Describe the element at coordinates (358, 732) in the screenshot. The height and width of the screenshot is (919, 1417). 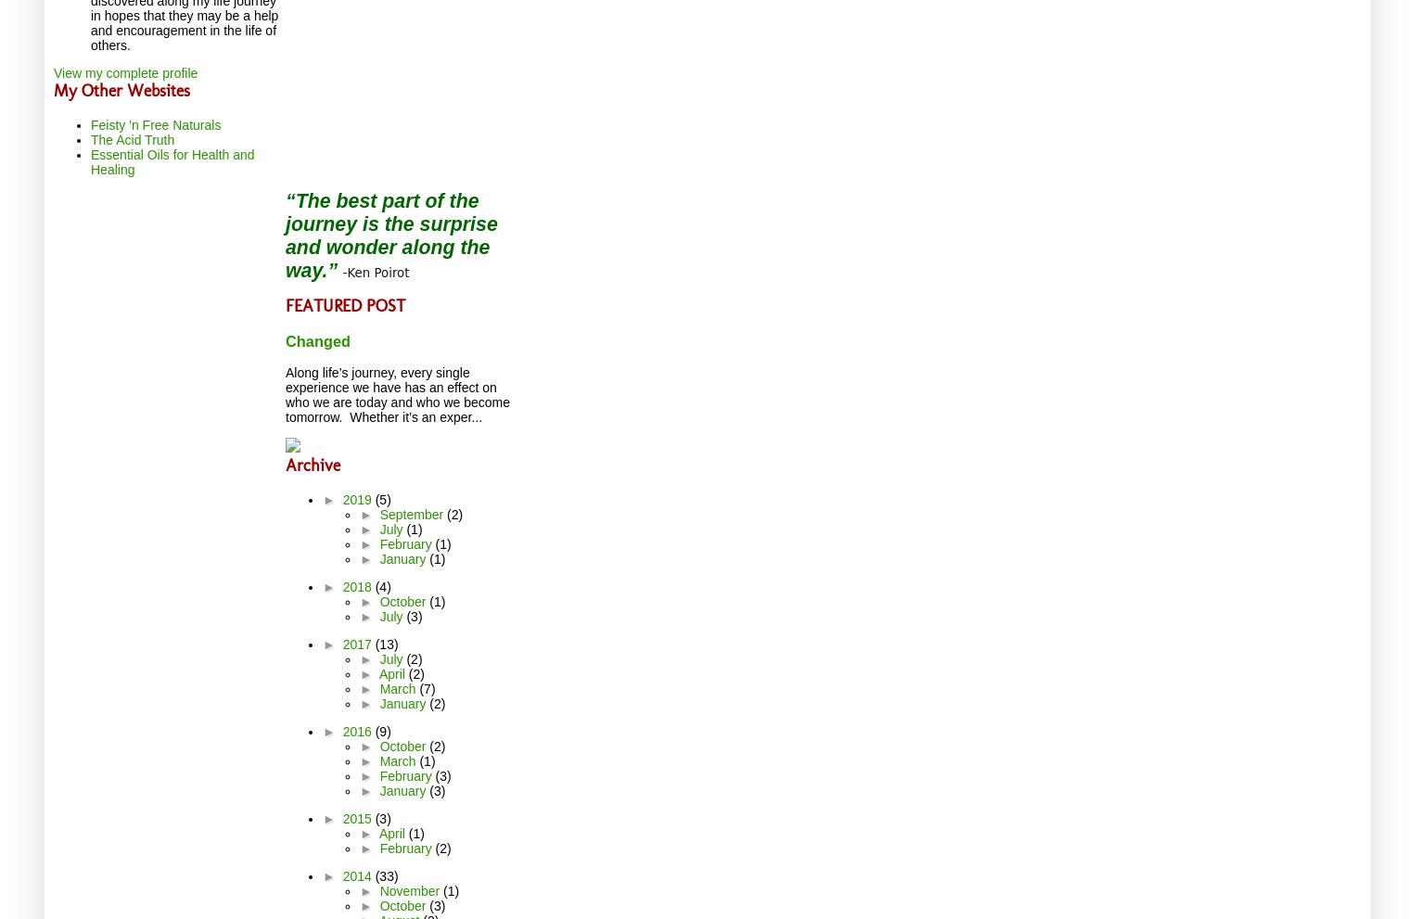
I see `'2016'` at that location.